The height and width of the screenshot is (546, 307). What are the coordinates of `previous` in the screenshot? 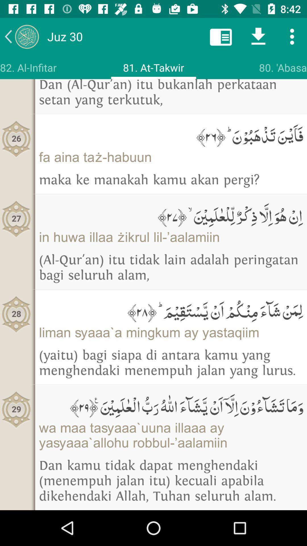 It's located at (21, 36).